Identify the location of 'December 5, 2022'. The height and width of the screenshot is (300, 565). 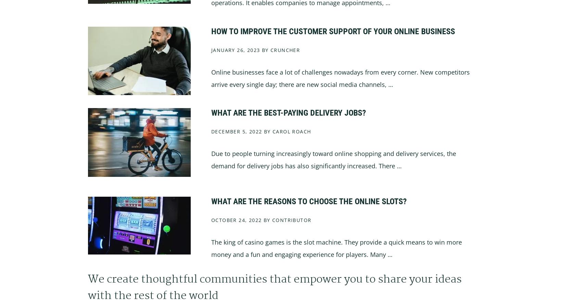
(236, 131).